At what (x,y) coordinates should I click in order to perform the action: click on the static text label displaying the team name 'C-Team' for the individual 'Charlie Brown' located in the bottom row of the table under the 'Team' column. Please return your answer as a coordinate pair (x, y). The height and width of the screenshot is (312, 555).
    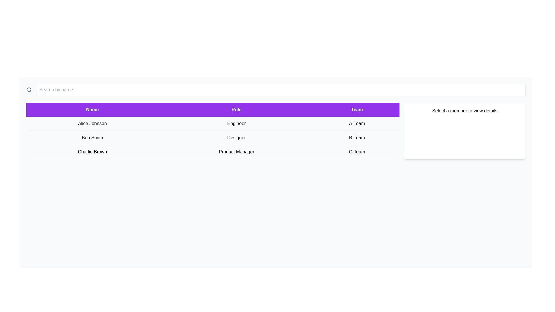
    Looking at the image, I should click on (357, 151).